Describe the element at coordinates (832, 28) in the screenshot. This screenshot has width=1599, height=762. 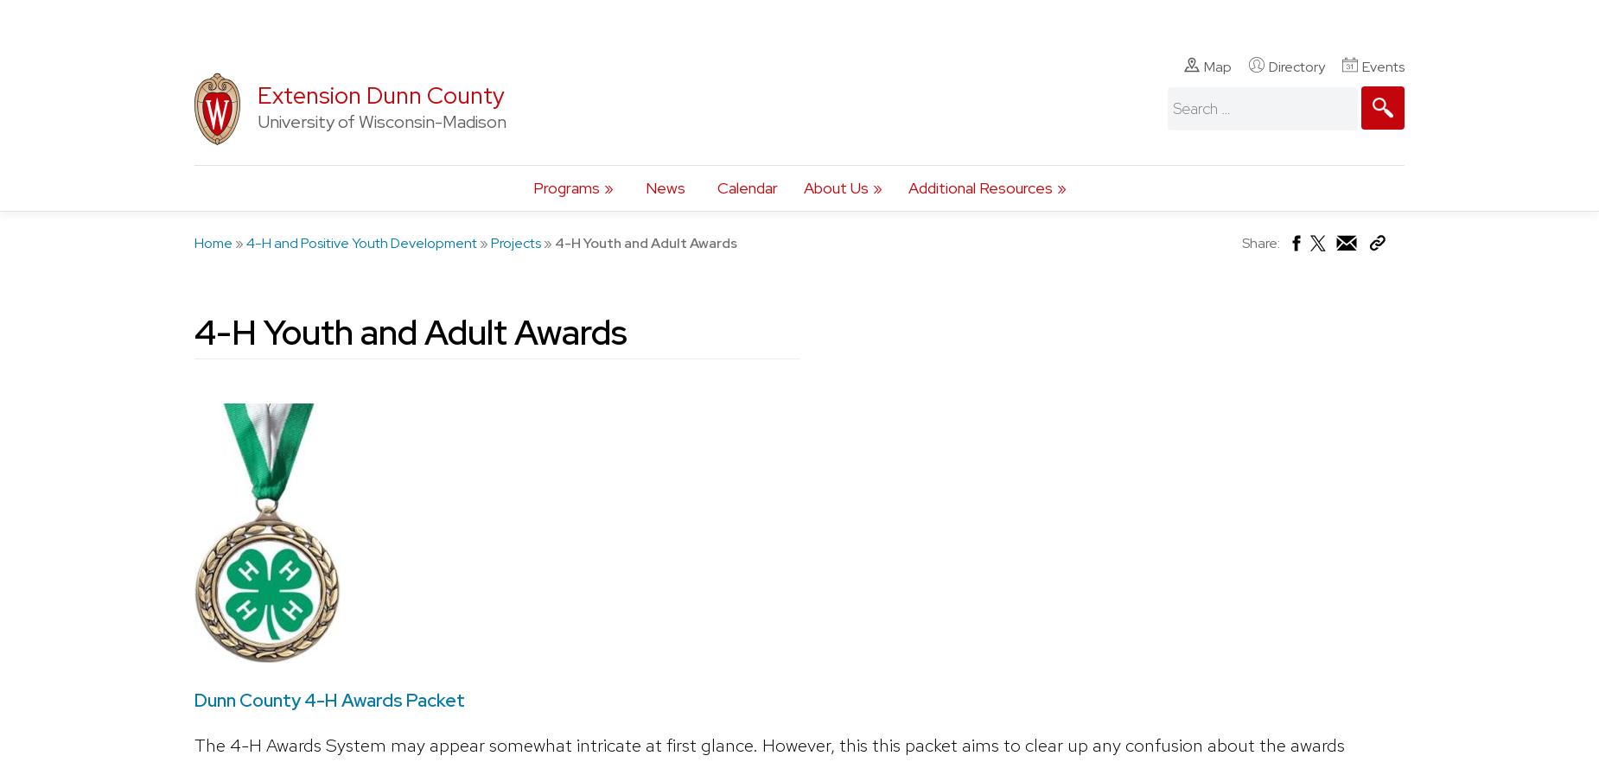
I see `'When making a nomination for the “4-H Alumni Award” please consider the person’s interest in 4-H in their adult life and reflect on their accomplishments when they were a member.'` at that location.